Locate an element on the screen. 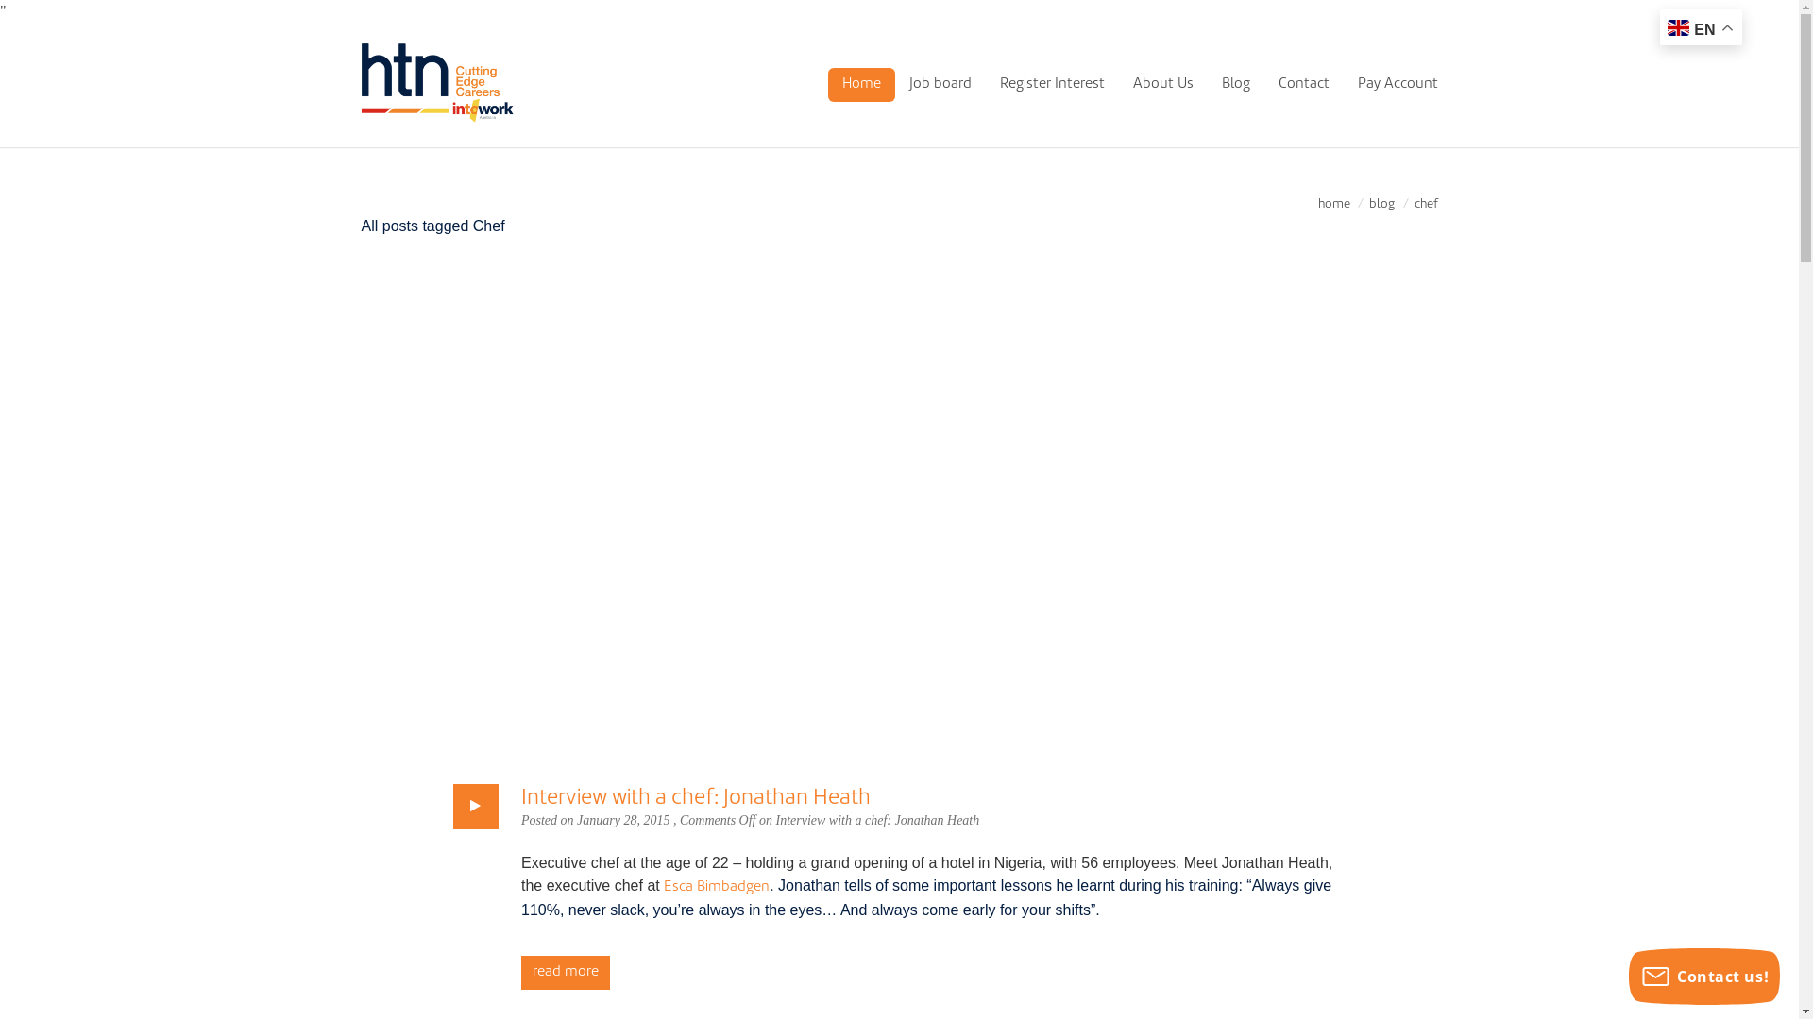  'blog' is located at coordinates (1381, 204).